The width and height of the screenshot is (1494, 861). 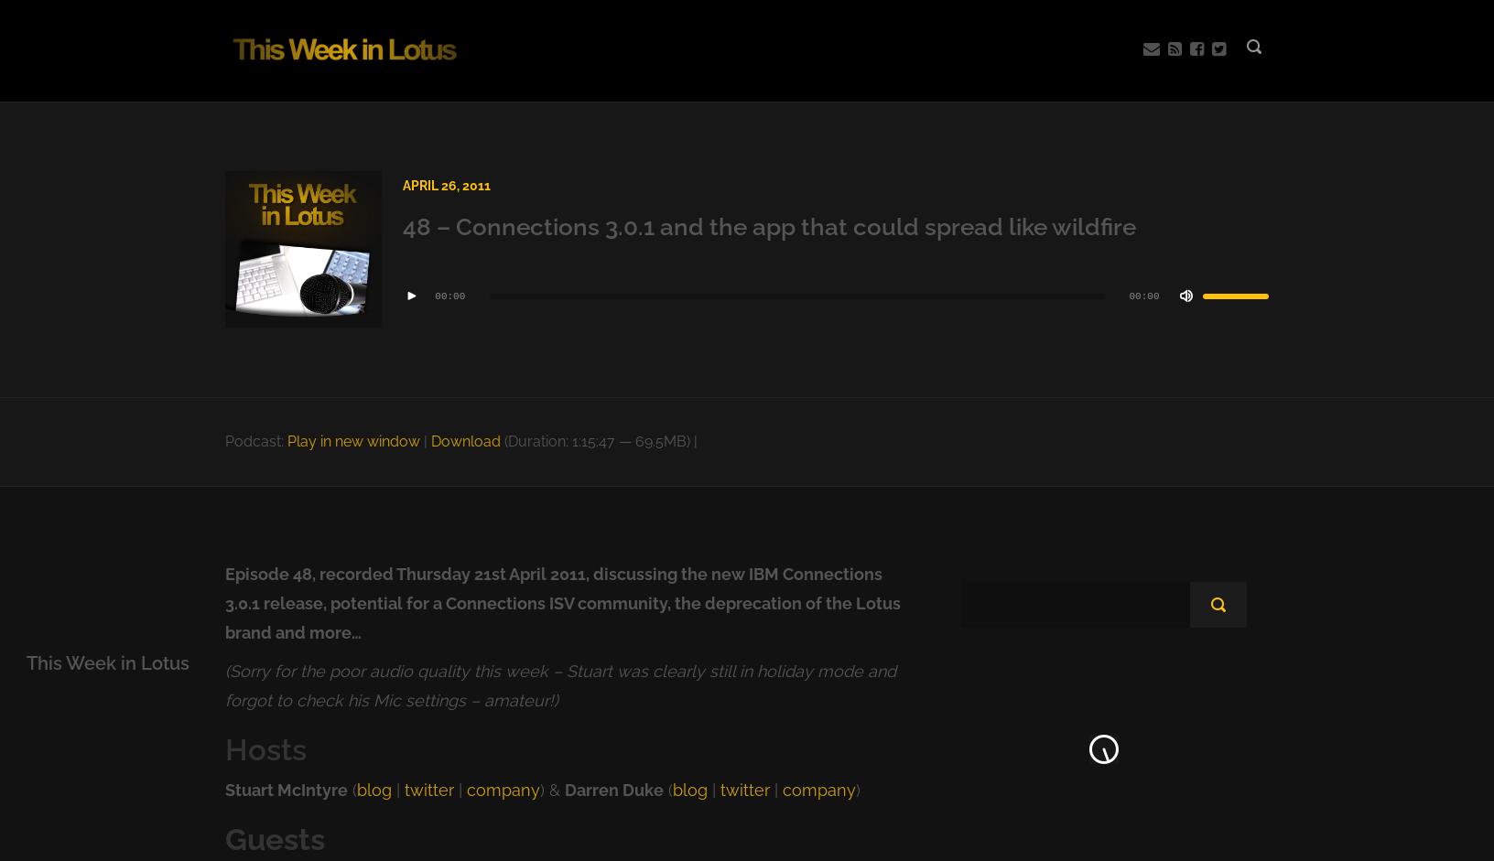 I want to click on 'This Week in Lotus', so click(x=107, y=663).